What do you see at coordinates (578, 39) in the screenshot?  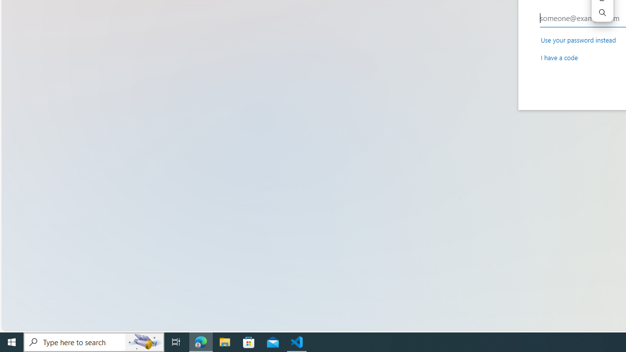 I see `'Use your password instead'` at bounding box center [578, 39].